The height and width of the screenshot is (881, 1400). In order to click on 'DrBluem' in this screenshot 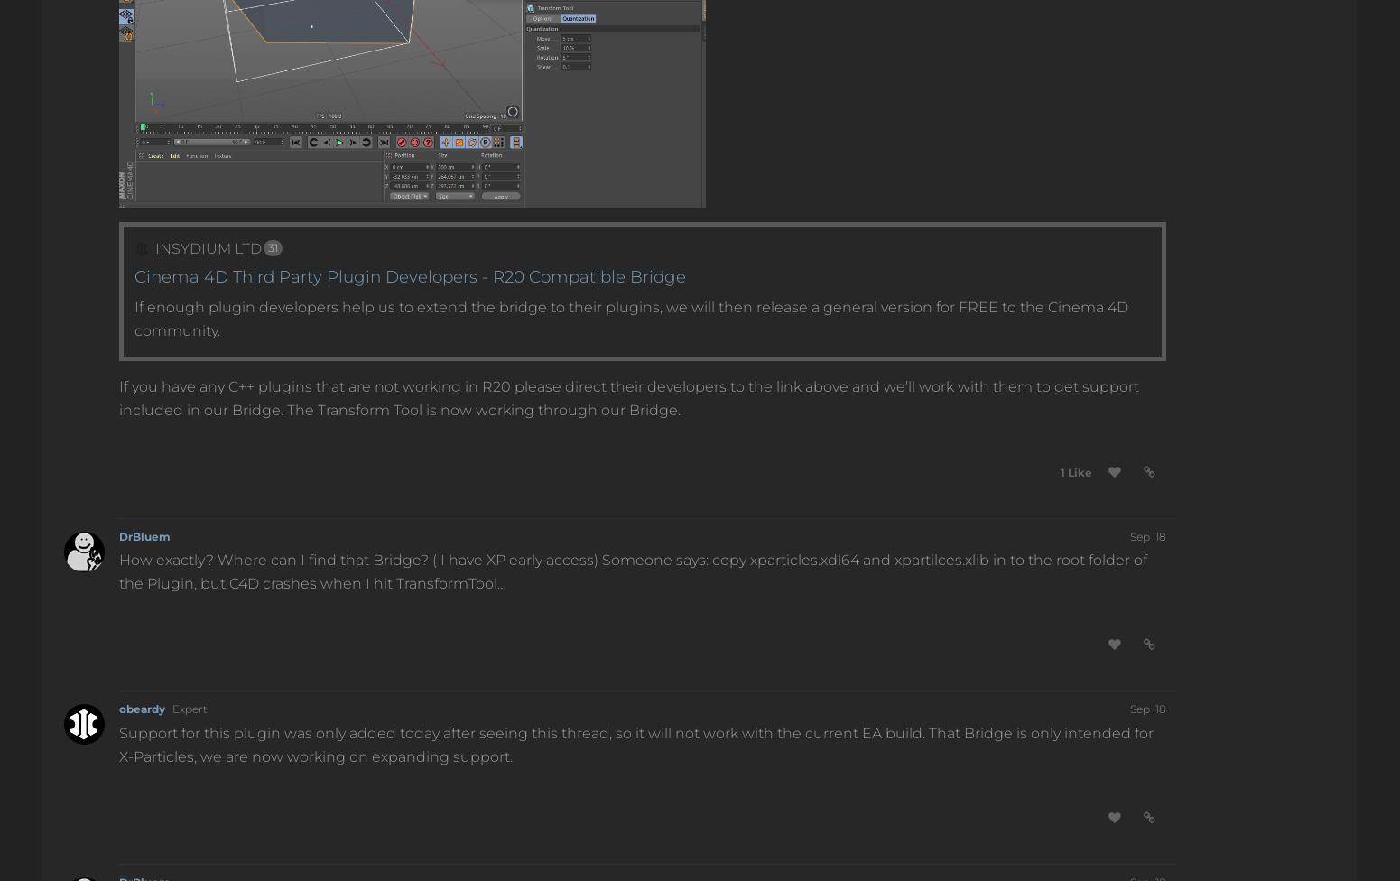, I will do `click(144, 535)`.